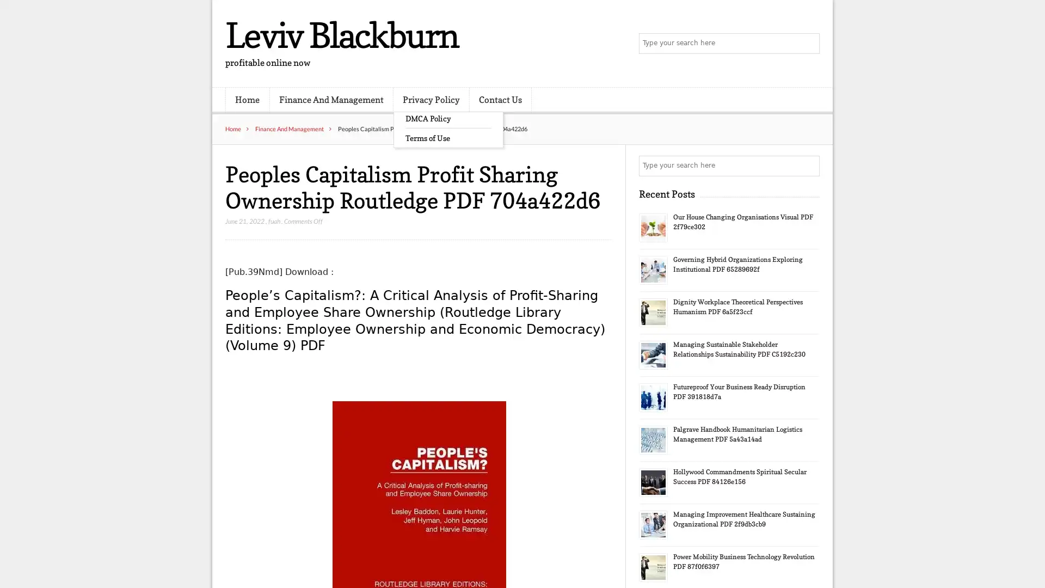 The image size is (1045, 588). Describe the element at coordinates (808, 44) in the screenshot. I see `Search` at that location.